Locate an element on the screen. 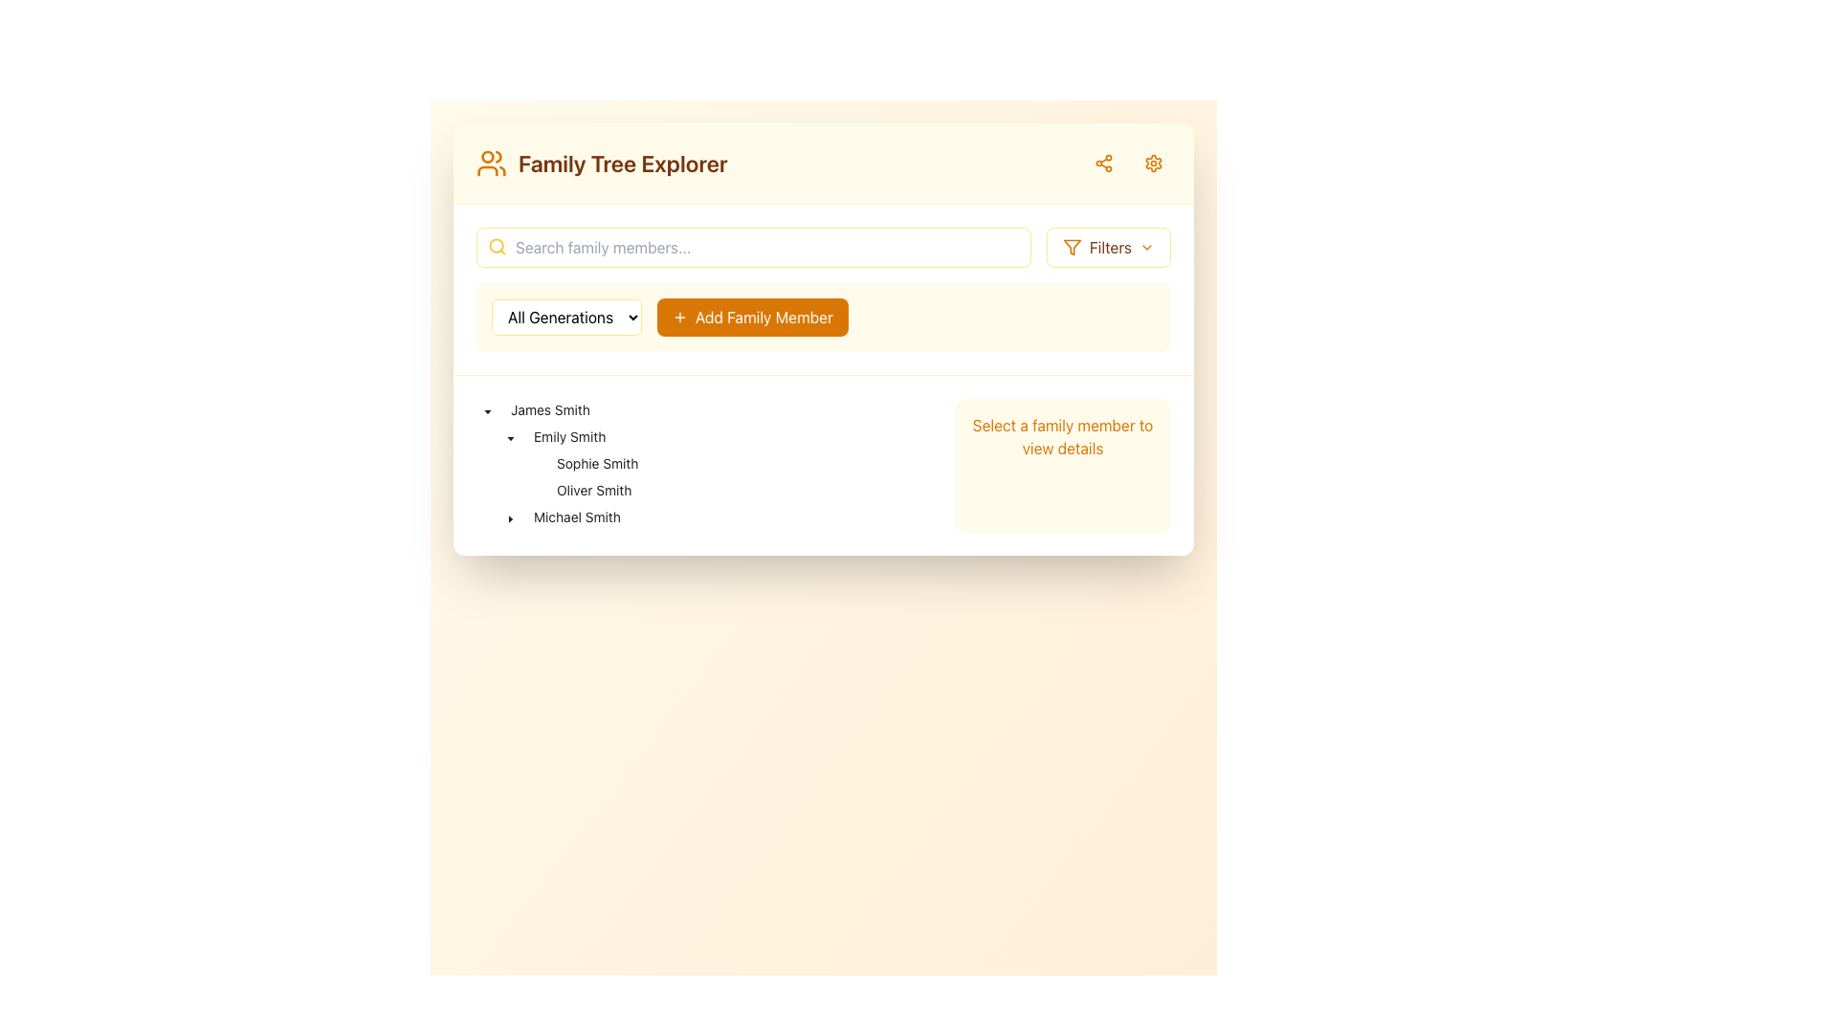 Image resolution: width=1837 pixels, height=1033 pixels. the circular graphic element located in the header, part of the SVG icon next to the 'Family Tree Explorer' title is located at coordinates (487, 156).